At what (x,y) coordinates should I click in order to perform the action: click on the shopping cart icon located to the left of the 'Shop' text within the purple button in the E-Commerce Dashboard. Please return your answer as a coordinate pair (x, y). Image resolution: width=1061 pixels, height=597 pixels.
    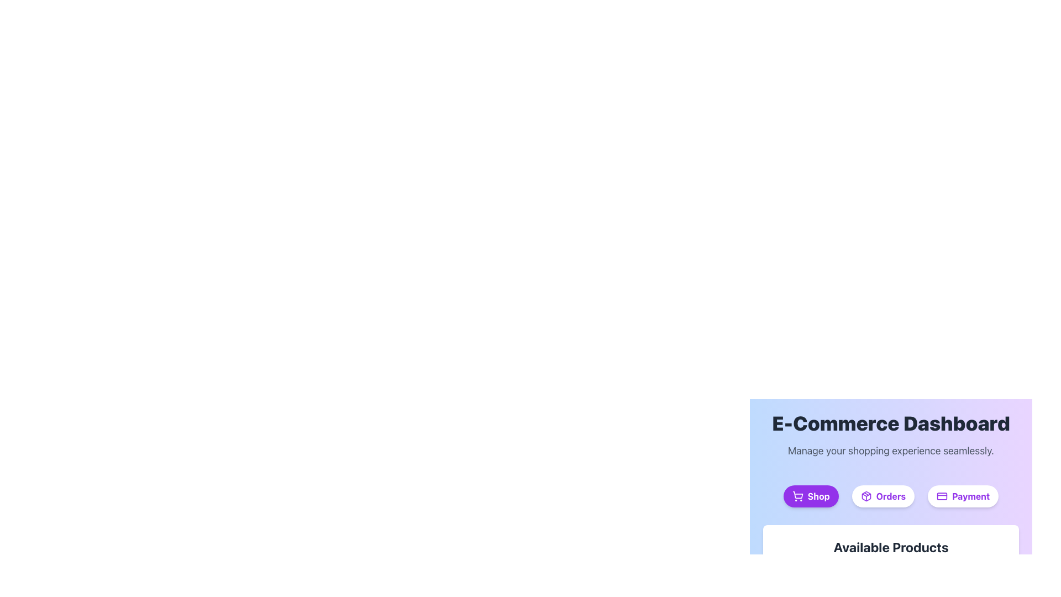
    Looking at the image, I should click on (797, 496).